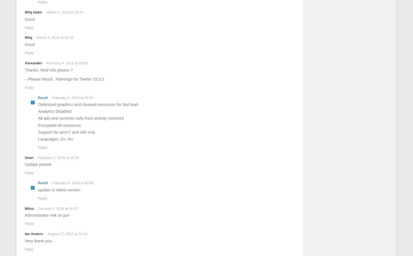  I want to click on 'January 9, 2018 at 16:27', so click(58, 208).